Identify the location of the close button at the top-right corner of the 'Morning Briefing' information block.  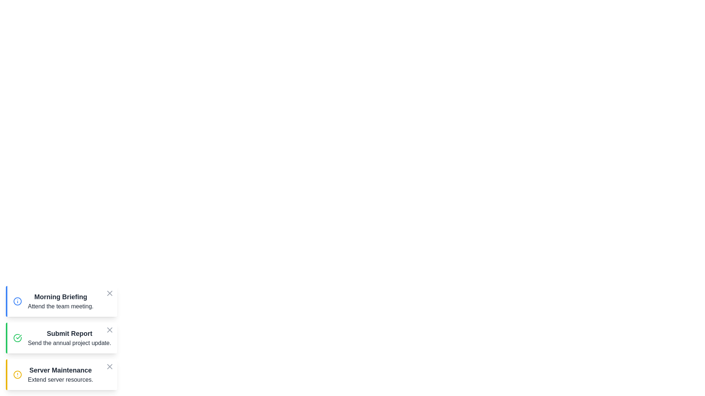
(109, 294).